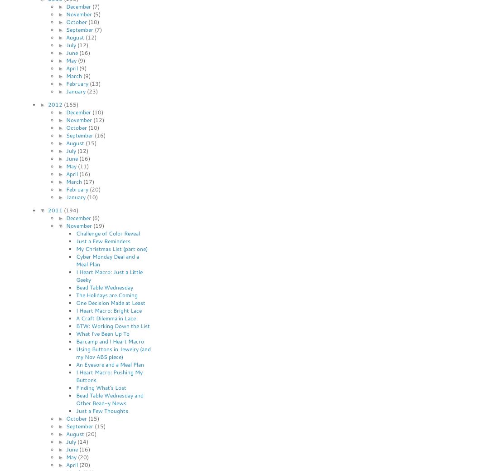  What do you see at coordinates (82, 166) in the screenshot?
I see `'(11)'` at bounding box center [82, 166].